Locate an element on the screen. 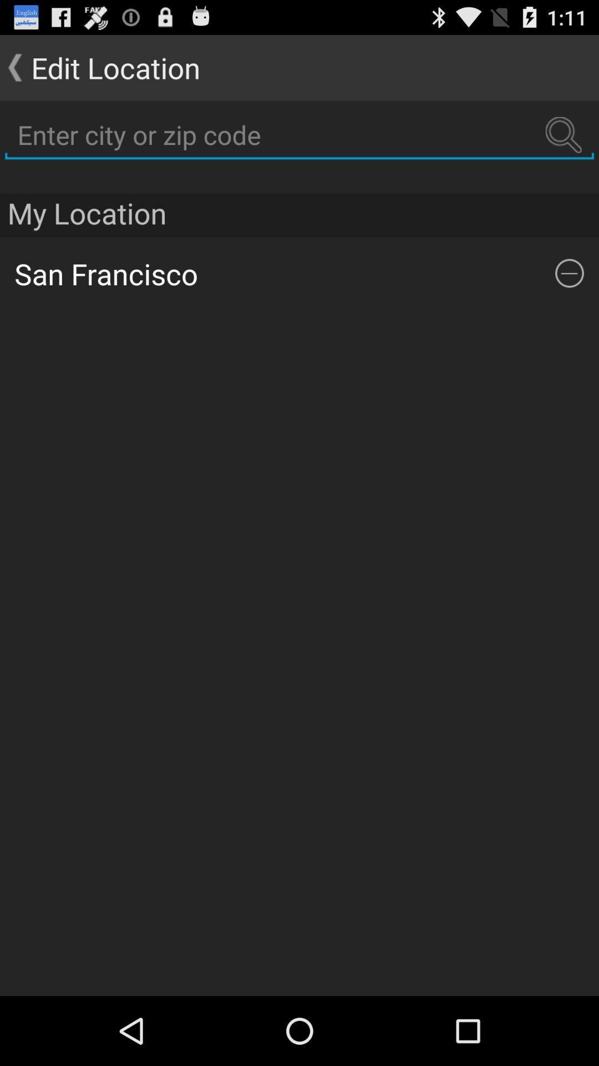  the san francisco app is located at coordinates (291, 274).